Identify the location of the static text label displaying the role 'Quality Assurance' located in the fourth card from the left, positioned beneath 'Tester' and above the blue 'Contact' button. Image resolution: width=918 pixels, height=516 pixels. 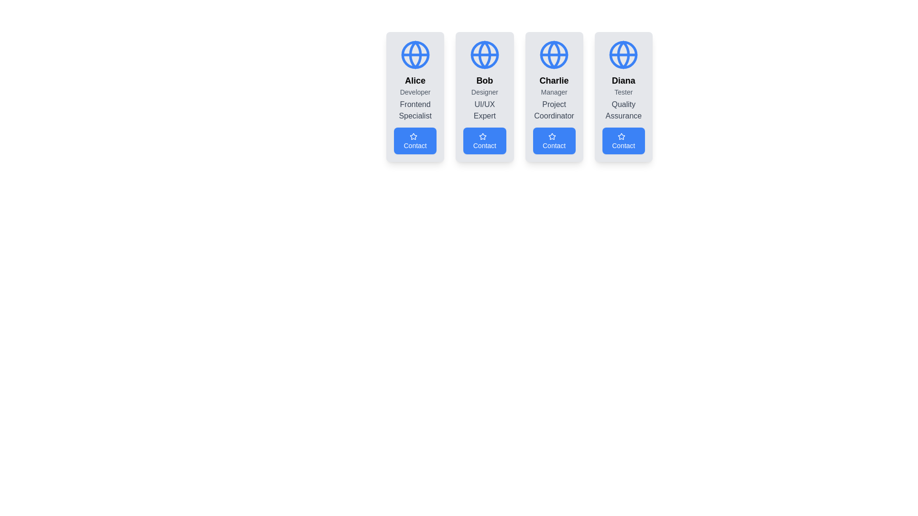
(623, 110).